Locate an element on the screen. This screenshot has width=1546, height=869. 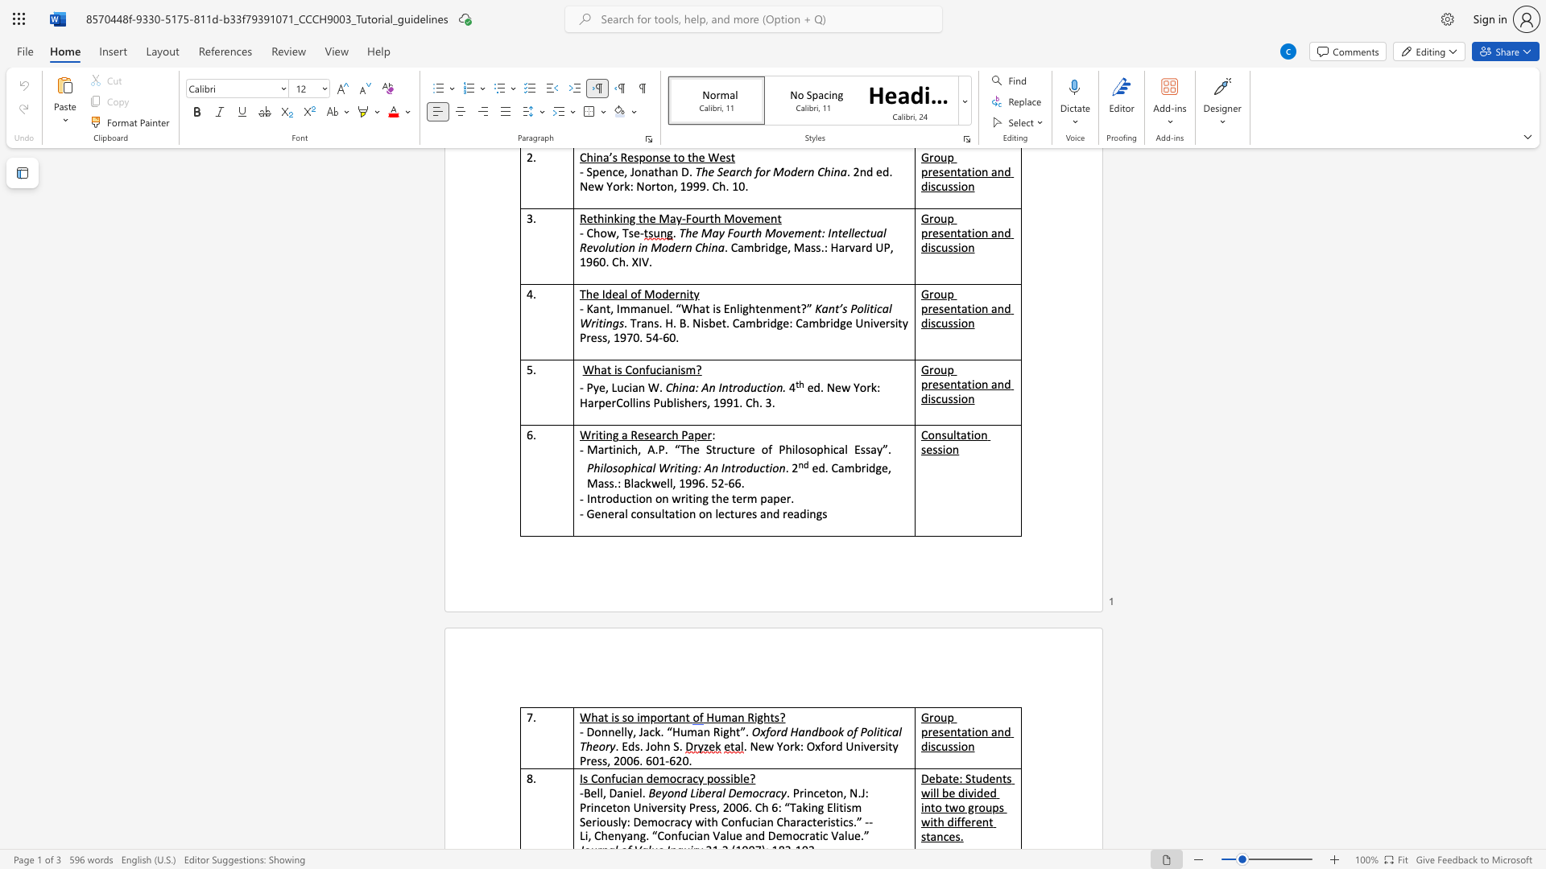
the subset text "w York: Oxford University Press, 2006. 601" within the text ". New York: Oxford University Press, 2006. 601-620." is located at coordinates (763, 746).